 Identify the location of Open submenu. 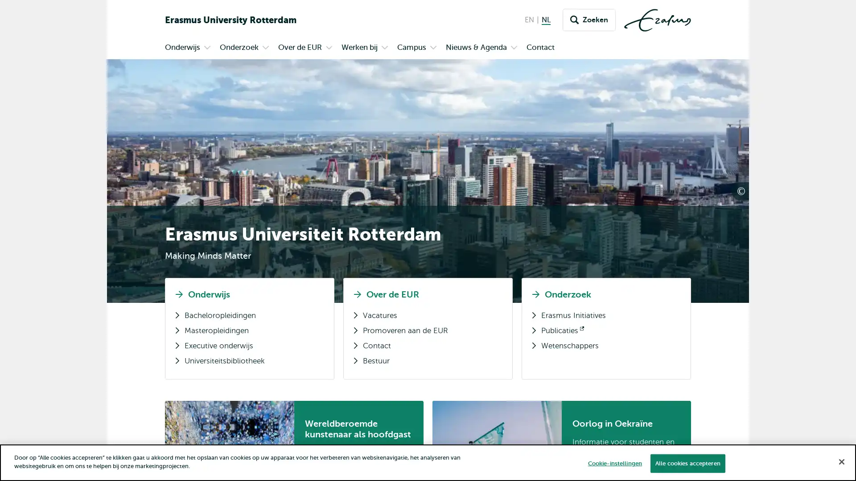
(385, 48).